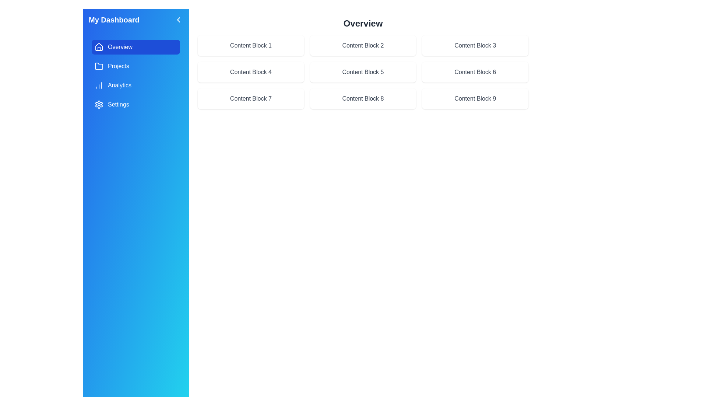 The height and width of the screenshot is (398, 707). What do you see at coordinates (136, 47) in the screenshot?
I see `the menu item Overview in the sidebar` at bounding box center [136, 47].